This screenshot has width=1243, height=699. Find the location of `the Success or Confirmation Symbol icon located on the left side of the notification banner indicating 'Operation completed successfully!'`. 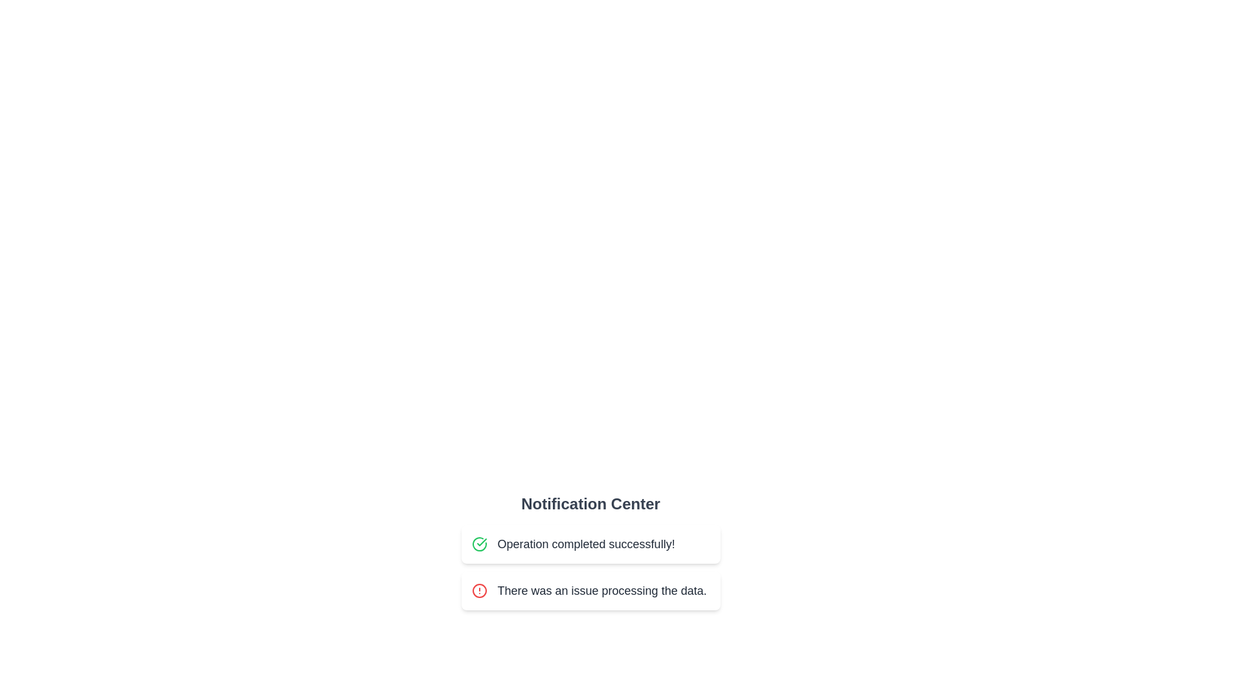

the Success or Confirmation Symbol icon located on the left side of the notification banner indicating 'Operation completed successfully!' is located at coordinates (478, 544).